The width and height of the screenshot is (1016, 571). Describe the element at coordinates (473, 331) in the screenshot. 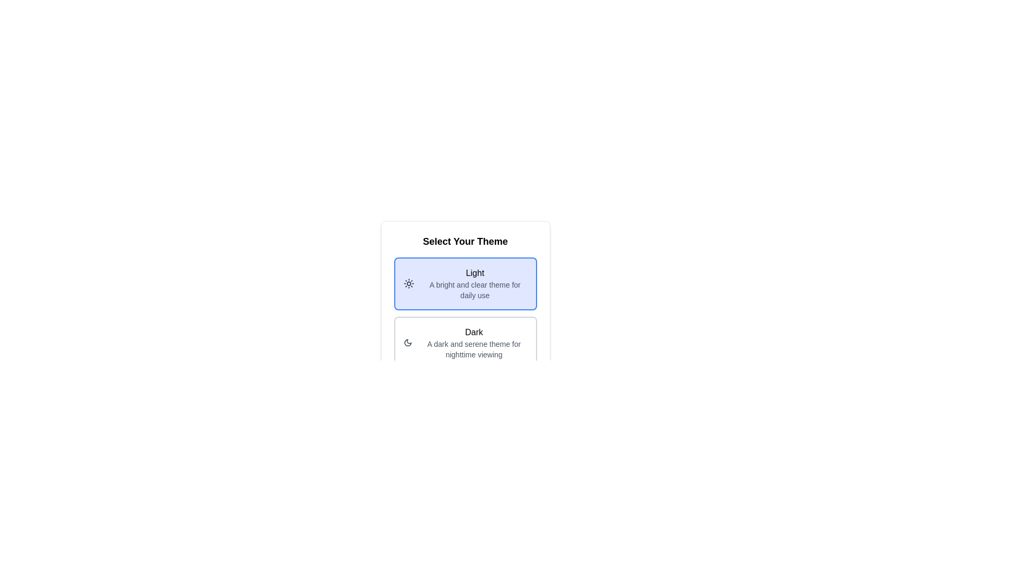

I see `the 'Dark' theme label located in the upper text portion of the second card in the theme options list` at that location.